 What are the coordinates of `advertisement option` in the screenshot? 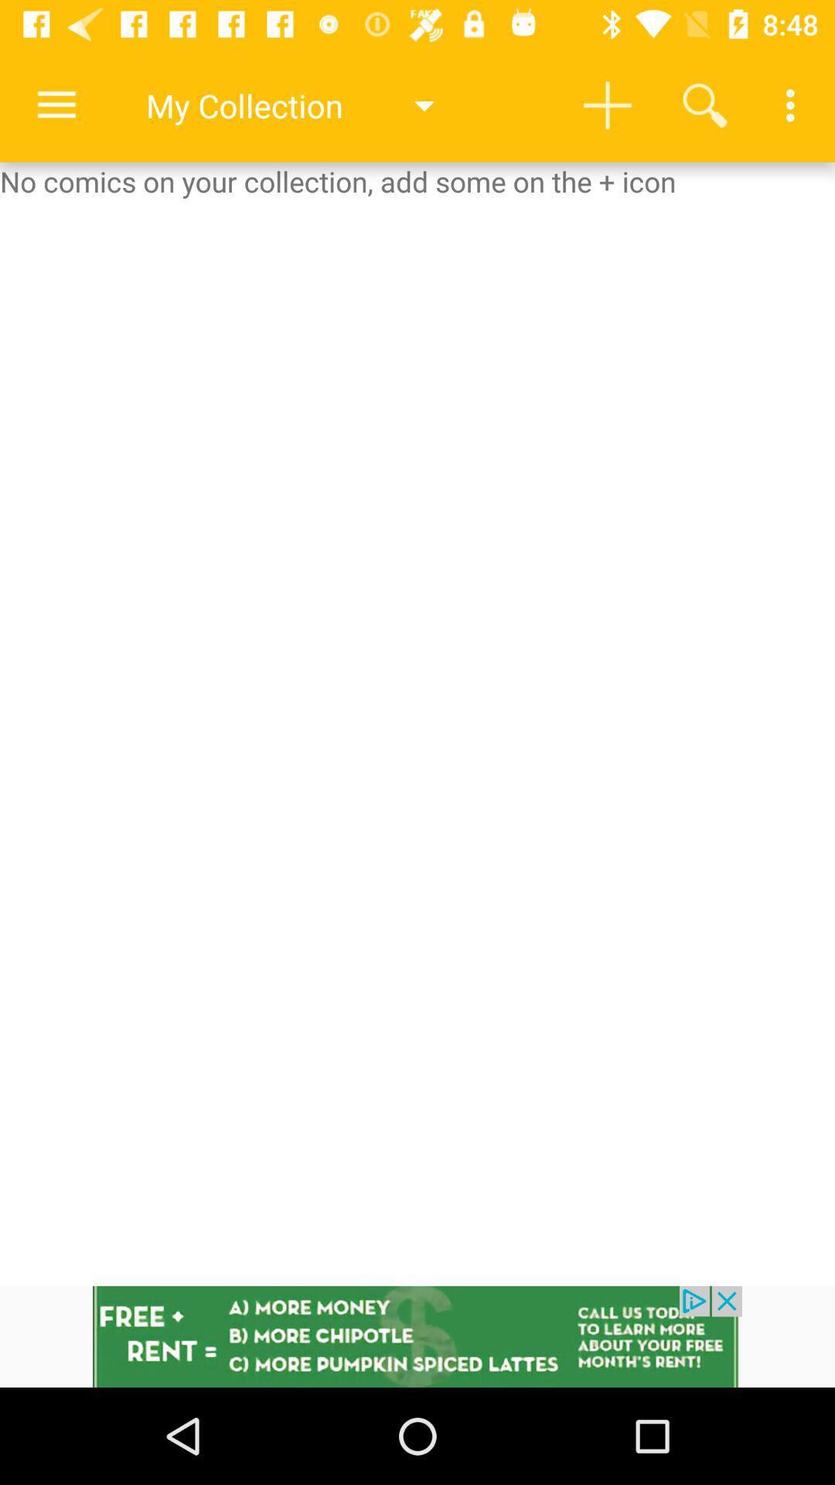 It's located at (417, 1336).